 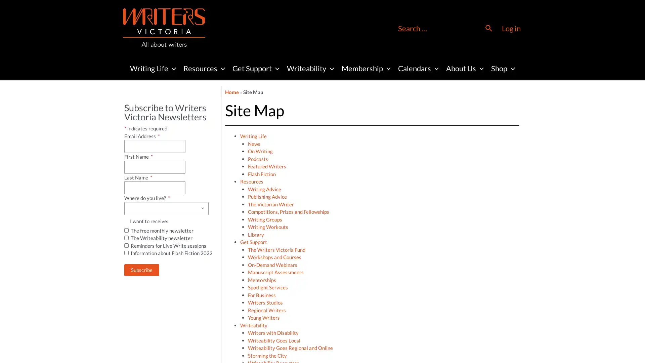 What do you see at coordinates (141, 270) in the screenshot?
I see `Subscribe` at bounding box center [141, 270].